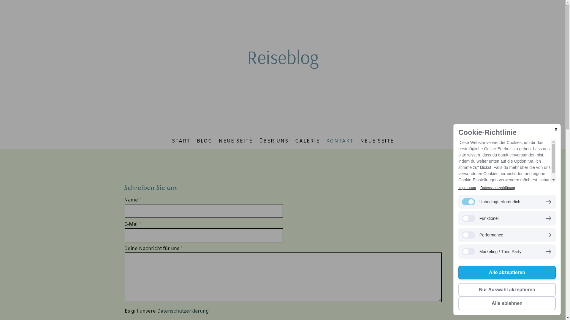 The image size is (570, 320). What do you see at coordinates (215, 141) in the screenshot?
I see `'NEUE SEITE'` at bounding box center [215, 141].